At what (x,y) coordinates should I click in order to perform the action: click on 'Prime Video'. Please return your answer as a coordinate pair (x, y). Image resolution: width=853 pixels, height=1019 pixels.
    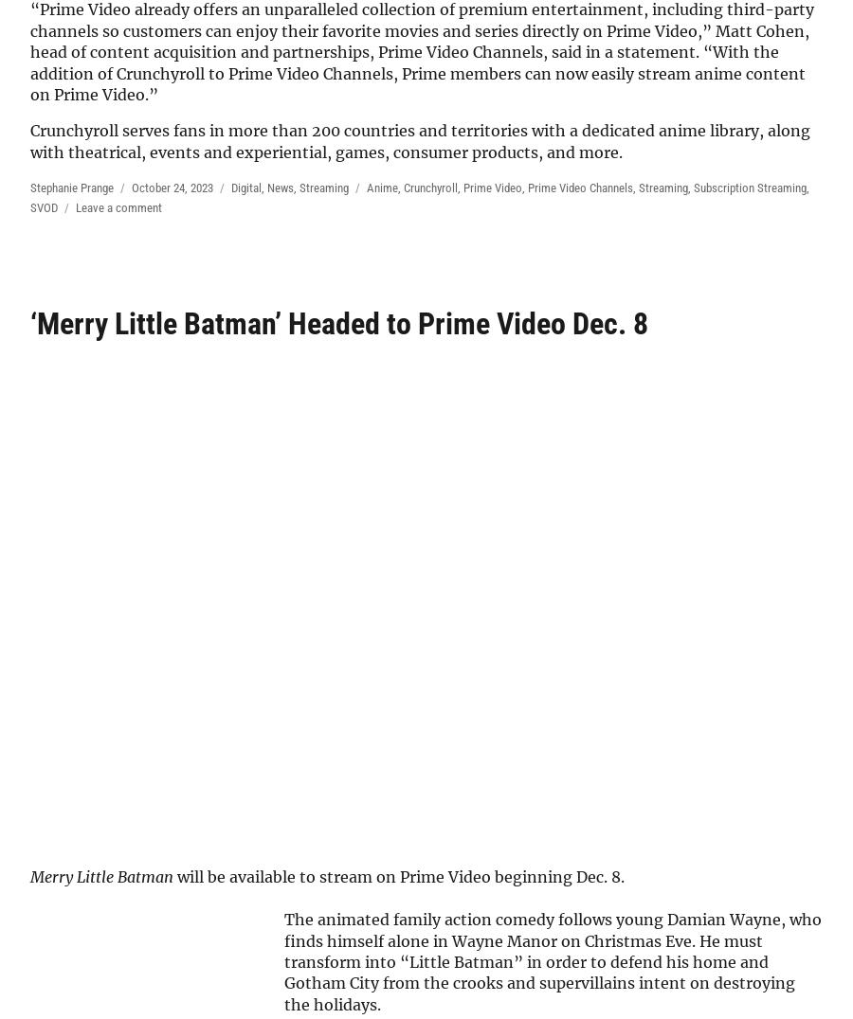
    Looking at the image, I should click on (492, 187).